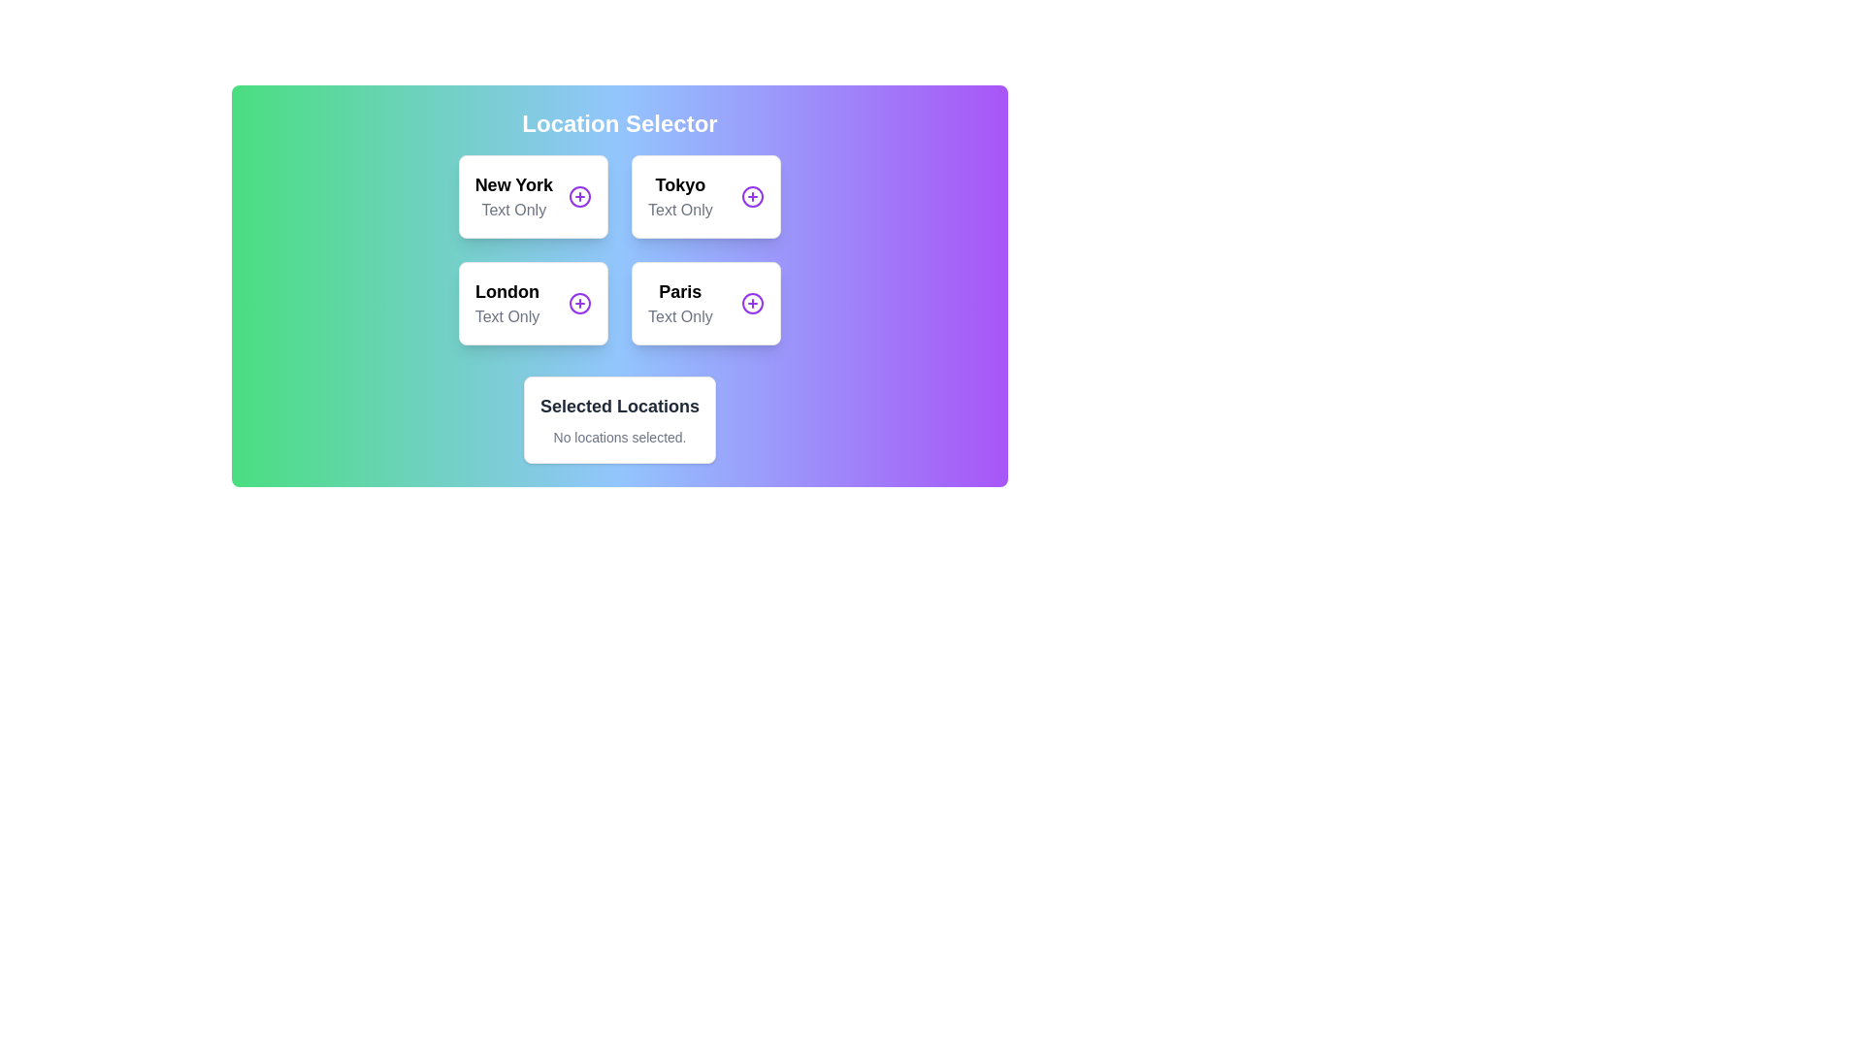 This screenshot has height=1048, width=1863. What do you see at coordinates (705, 197) in the screenshot?
I see `the 'Tokyo' location card in the grid layout` at bounding box center [705, 197].